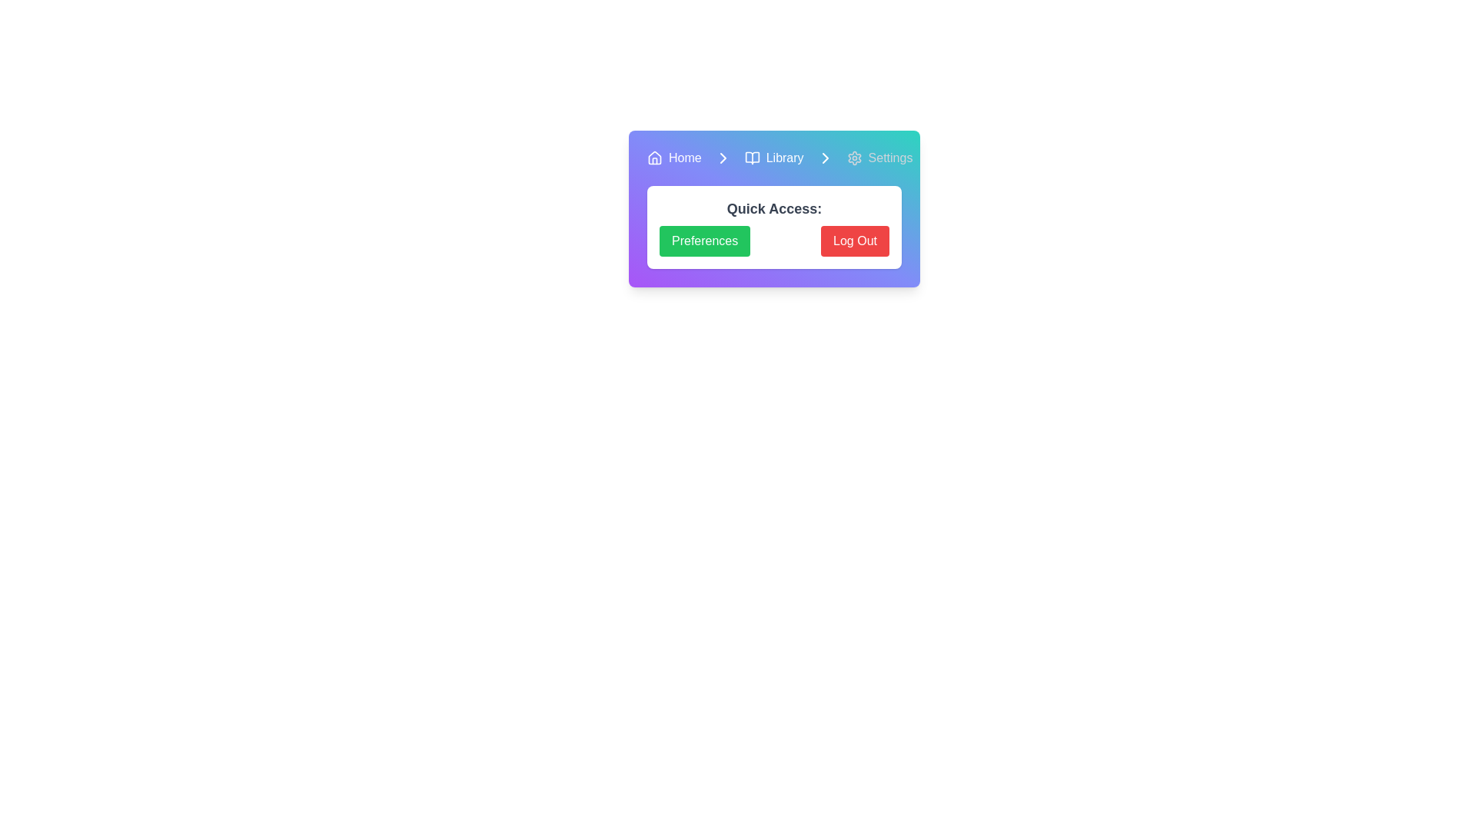 Image resolution: width=1476 pixels, height=830 pixels. Describe the element at coordinates (853, 158) in the screenshot. I see `the gear icon located in the top-right section of the interface` at that location.